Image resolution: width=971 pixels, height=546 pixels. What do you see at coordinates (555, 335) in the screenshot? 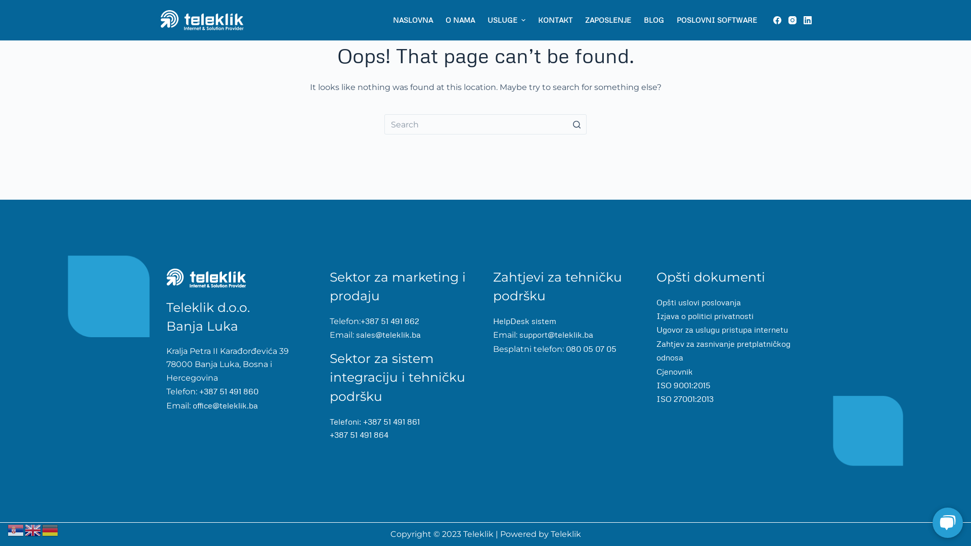
I see `'support@teleklik.ba'` at bounding box center [555, 335].